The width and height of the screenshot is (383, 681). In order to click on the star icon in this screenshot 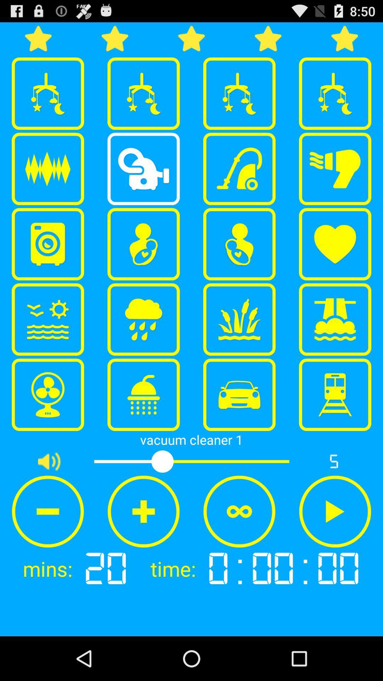, I will do `click(344, 41)`.